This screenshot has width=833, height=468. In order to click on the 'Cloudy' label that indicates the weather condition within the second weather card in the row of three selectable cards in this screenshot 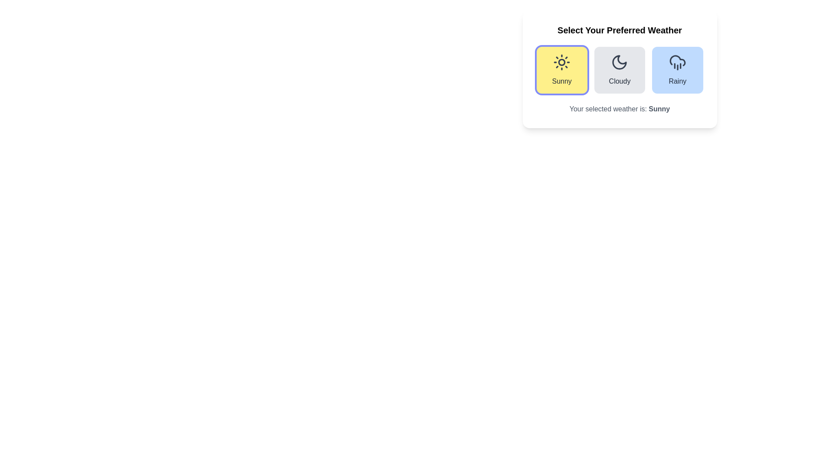, I will do `click(619, 81)`.